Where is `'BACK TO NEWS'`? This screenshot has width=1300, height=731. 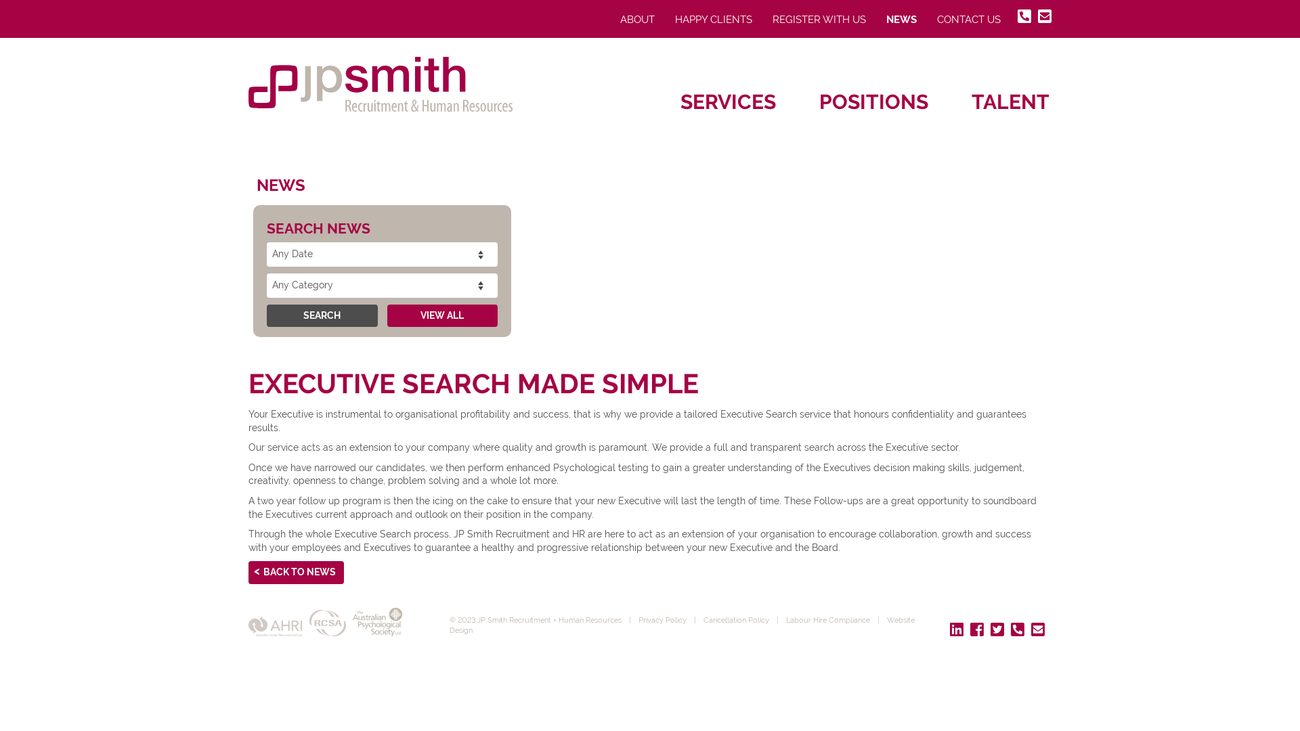
'BACK TO NEWS' is located at coordinates (295, 572).